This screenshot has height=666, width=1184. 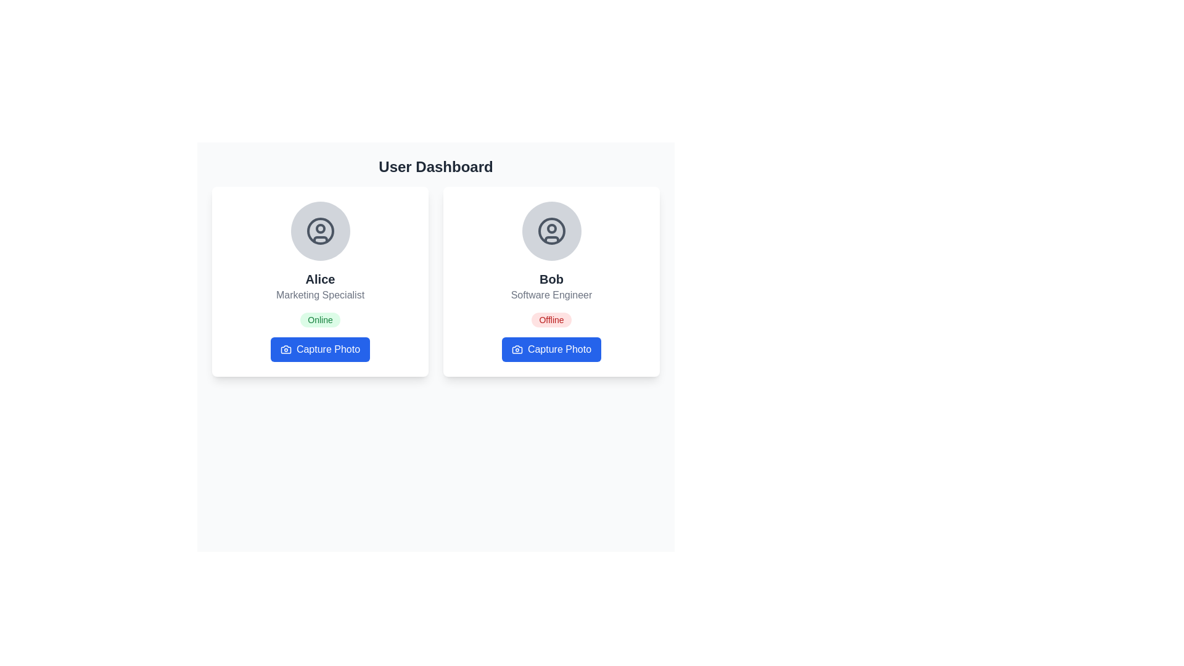 What do you see at coordinates (320, 228) in the screenshot?
I see `the graphic marker representing Alice's profile status within the user profile icon located at the top-center of the card layout` at bounding box center [320, 228].